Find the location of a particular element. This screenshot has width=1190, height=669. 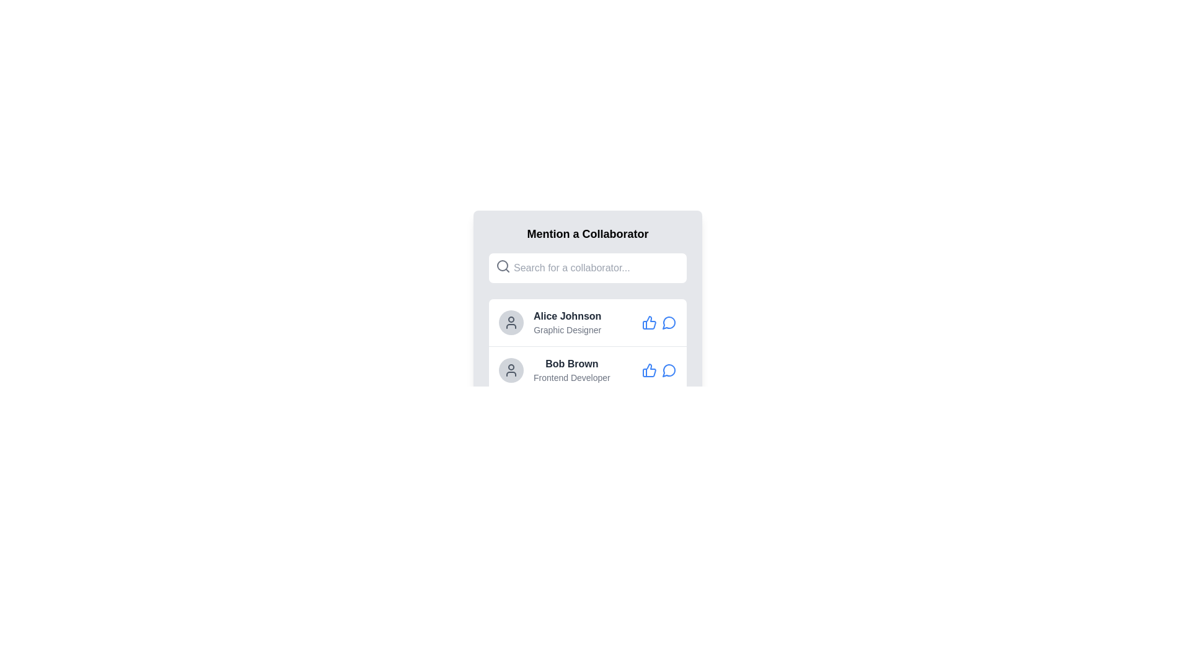

the approval icon located on the right side of the row associated with Alice Johnson, next to the message bubble icon is located at coordinates (648, 321).